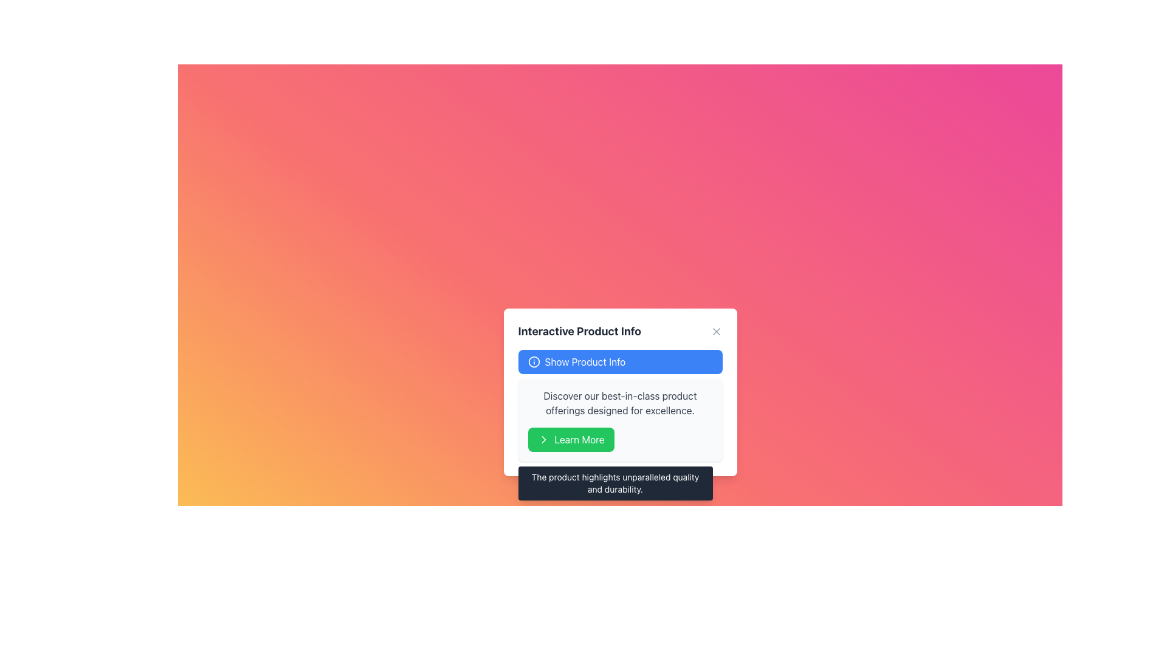  What do you see at coordinates (620, 403) in the screenshot?
I see `the text label that reads 'Discover our best-in-class product offerings designed for excellence.' which is styled with a gray font on a light background and located above the green 'Learn More' button` at bounding box center [620, 403].